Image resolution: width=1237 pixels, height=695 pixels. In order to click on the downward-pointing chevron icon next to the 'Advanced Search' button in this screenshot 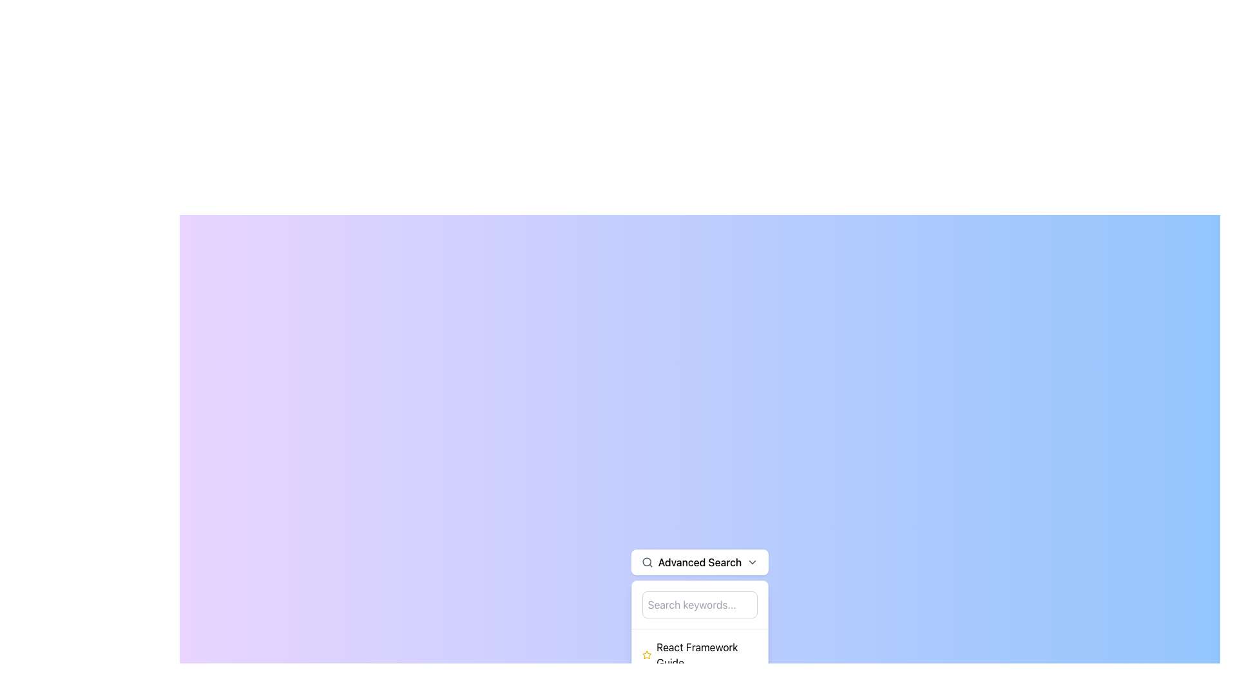, I will do `click(753, 562)`.